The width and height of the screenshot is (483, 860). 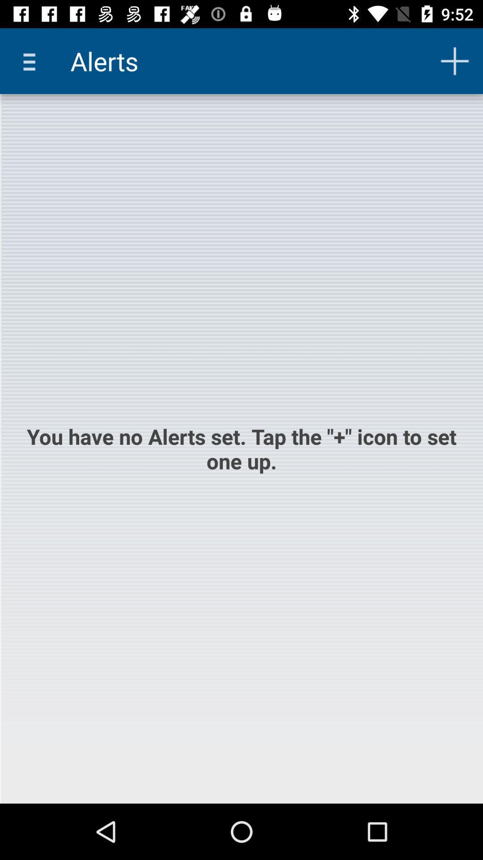 What do you see at coordinates (32, 60) in the screenshot?
I see `icon above the you have no` at bounding box center [32, 60].